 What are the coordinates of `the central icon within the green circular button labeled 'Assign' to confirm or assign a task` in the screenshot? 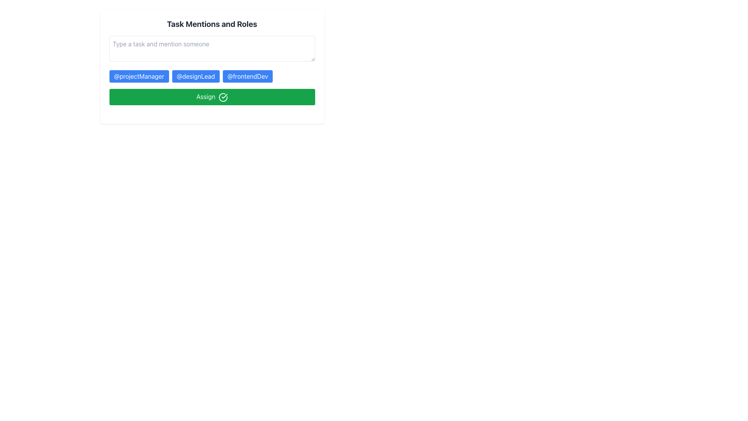 It's located at (224, 96).